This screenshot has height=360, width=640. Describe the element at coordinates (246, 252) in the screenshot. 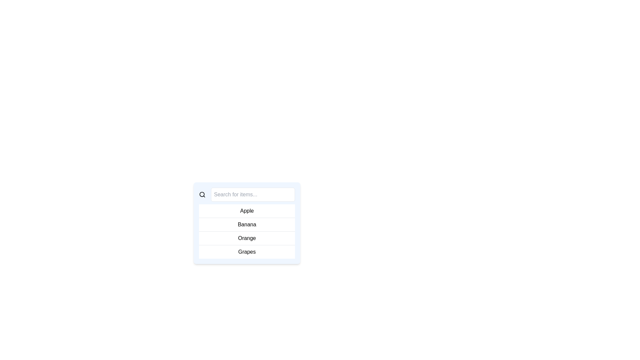

I see `the text item displaying 'Grapes'` at that location.